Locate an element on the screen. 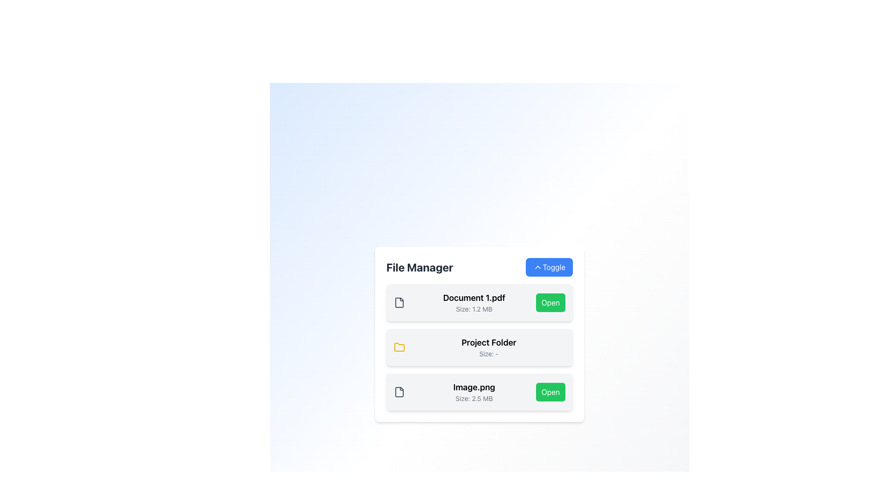 This screenshot has width=895, height=503. the text block displaying 'Document 1.pdf' and 'Size: 1.2 MB' in the first file listing card of the file manager interface is located at coordinates (474, 303).